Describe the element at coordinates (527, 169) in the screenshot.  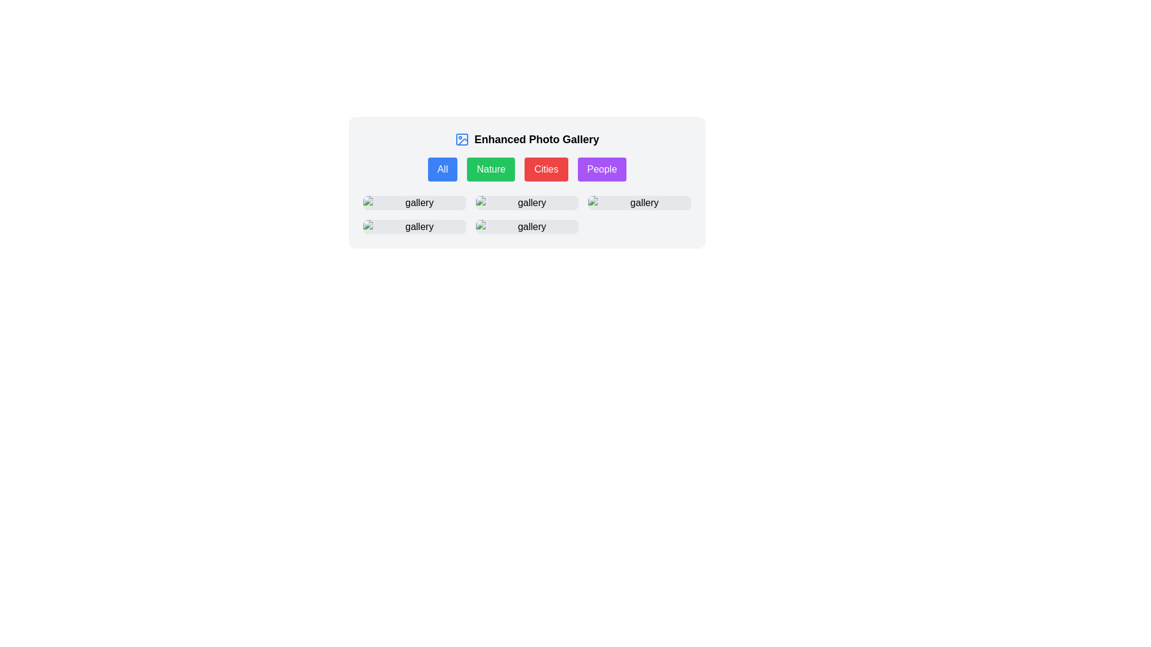
I see `the red button labeled 'Cities' to trigger its visual hover effect` at that location.